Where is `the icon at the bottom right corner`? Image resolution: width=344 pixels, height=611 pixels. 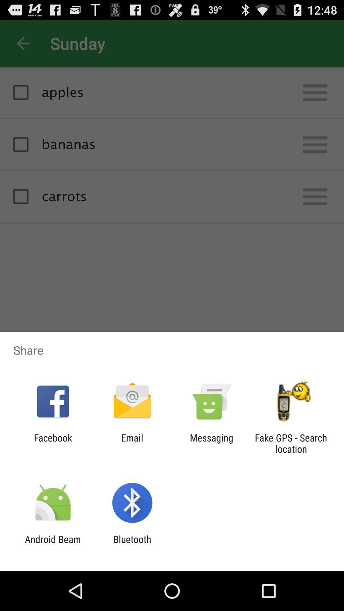
the icon at the bottom right corner is located at coordinates (291, 443).